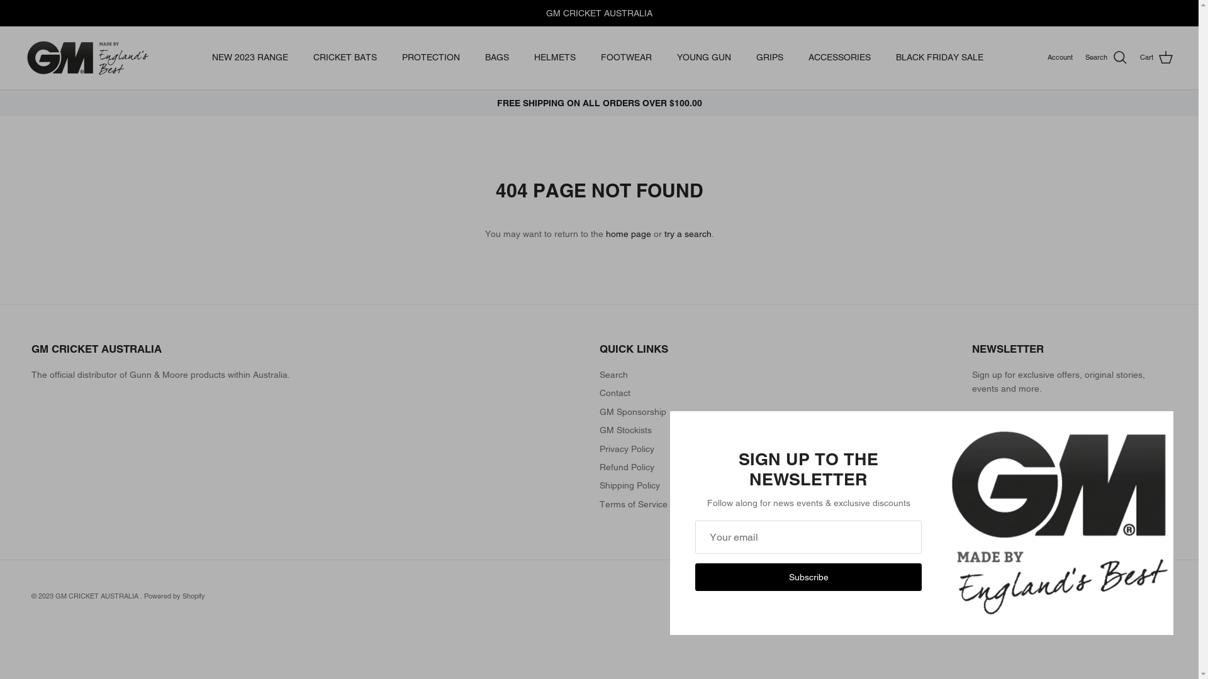  What do you see at coordinates (630, 484) in the screenshot?
I see `'Shipping Policy'` at bounding box center [630, 484].